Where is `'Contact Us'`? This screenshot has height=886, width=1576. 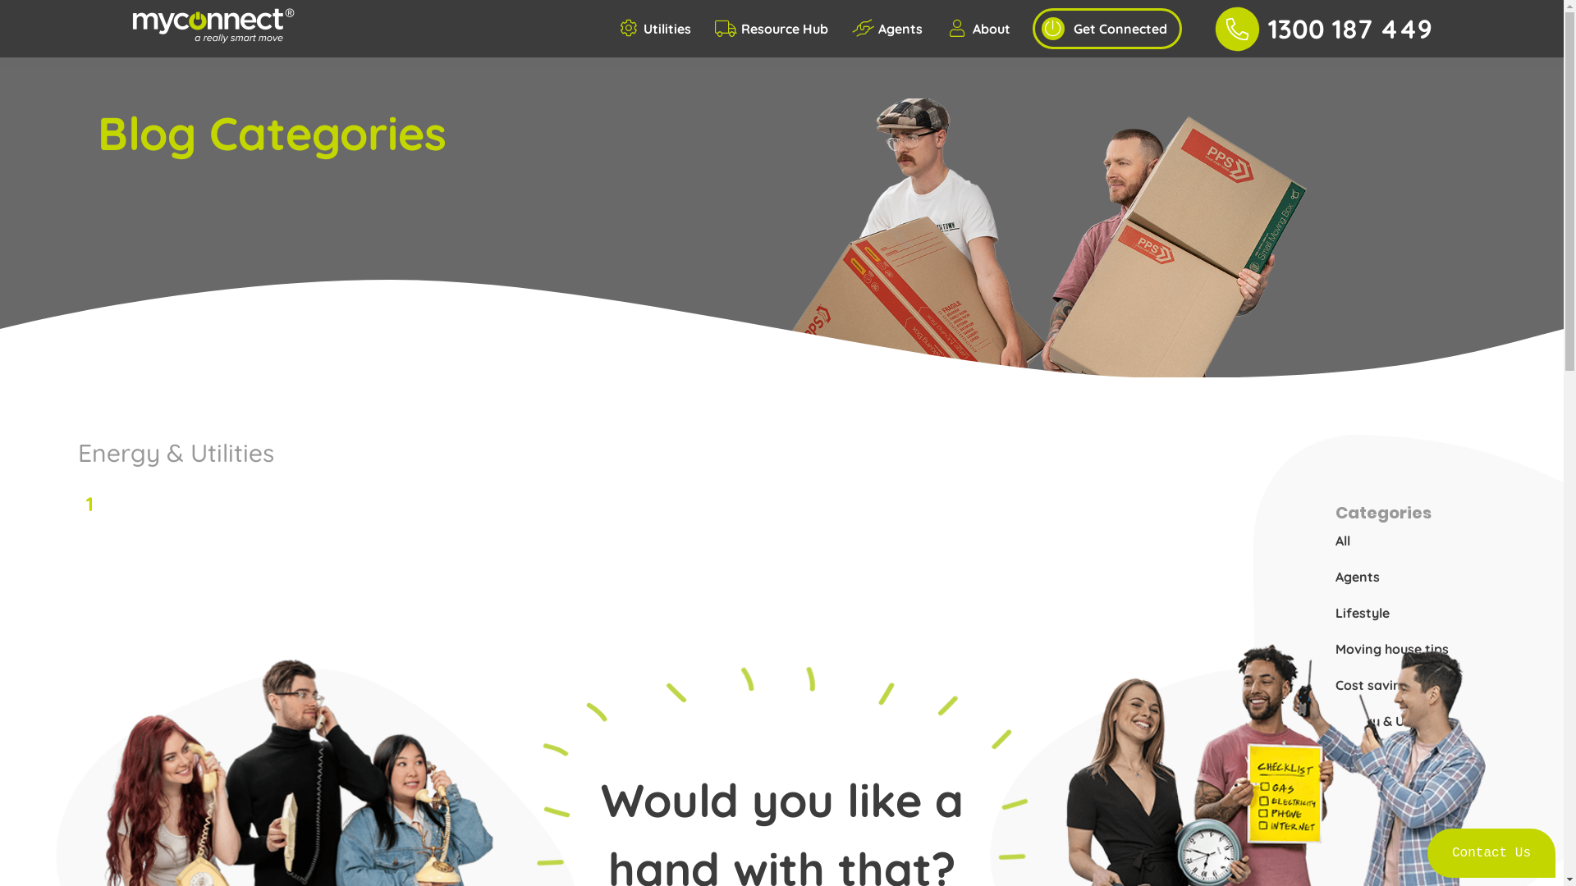
'Contact Us' is located at coordinates (1491, 852).